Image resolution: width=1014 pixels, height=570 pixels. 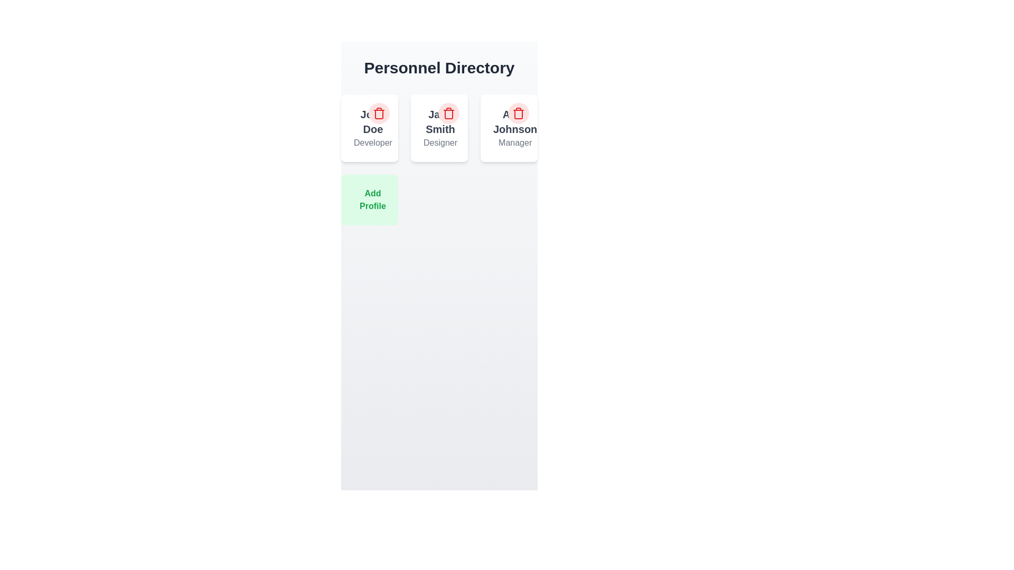 I want to click on the delete icon located in the top-right corner of the personnel card labeled 'John Doe', so click(x=379, y=113).